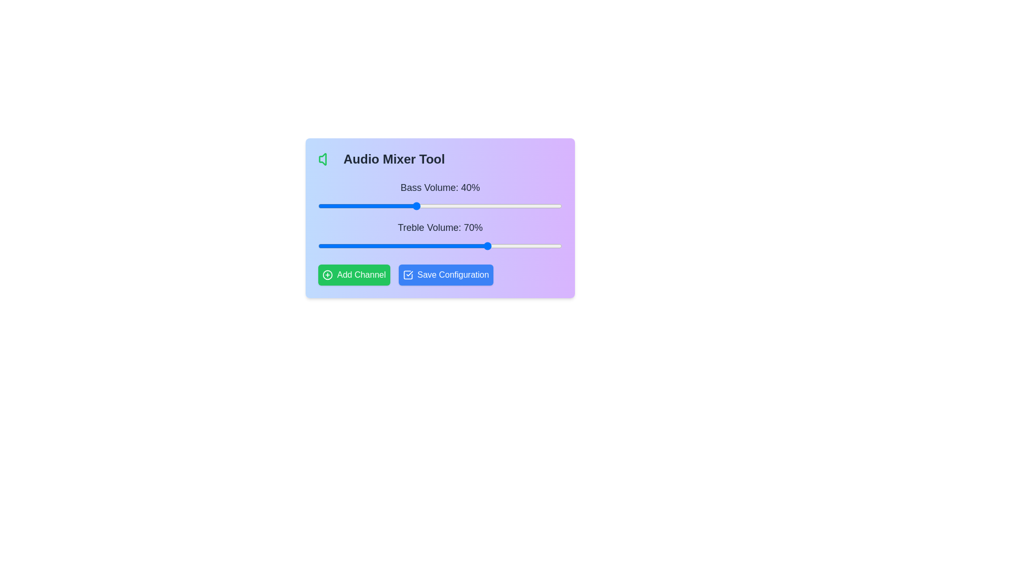  Describe the element at coordinates (440, 196) in the screenshot. I see `the Bass Volume slider control displaying 'Bass Volume: 40%'` at that location.